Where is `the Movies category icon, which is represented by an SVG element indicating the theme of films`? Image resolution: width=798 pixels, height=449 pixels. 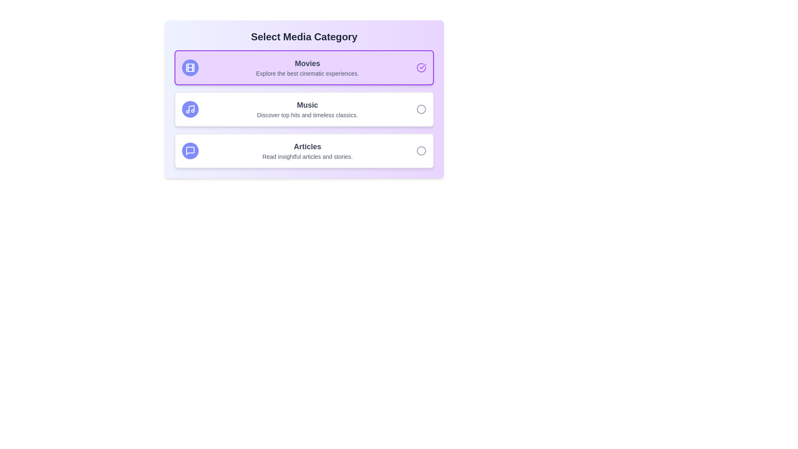
the Movies category icon, which is represented by an SVG element indicating the theme of films is located at coordinates (190, 67).